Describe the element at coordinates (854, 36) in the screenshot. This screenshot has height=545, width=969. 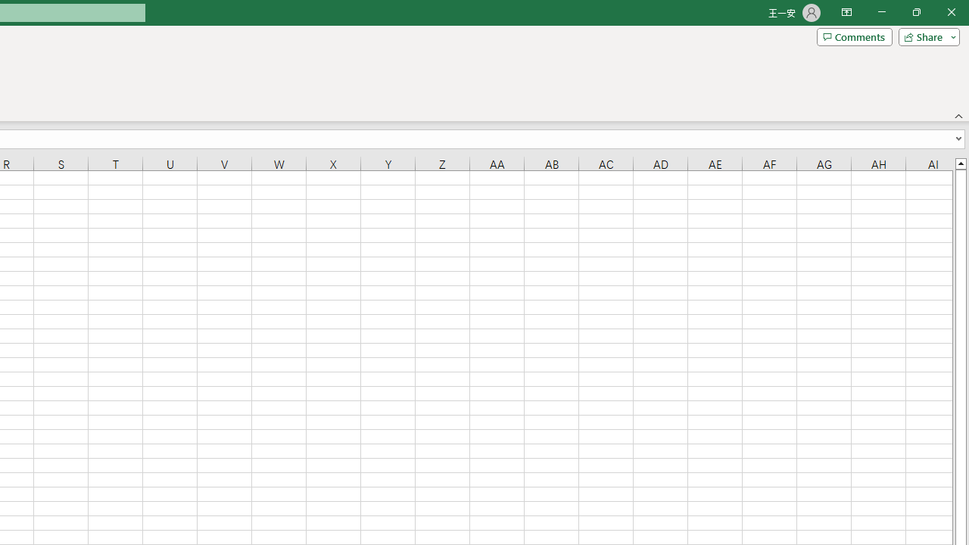
I see `'Comments'` at that location.